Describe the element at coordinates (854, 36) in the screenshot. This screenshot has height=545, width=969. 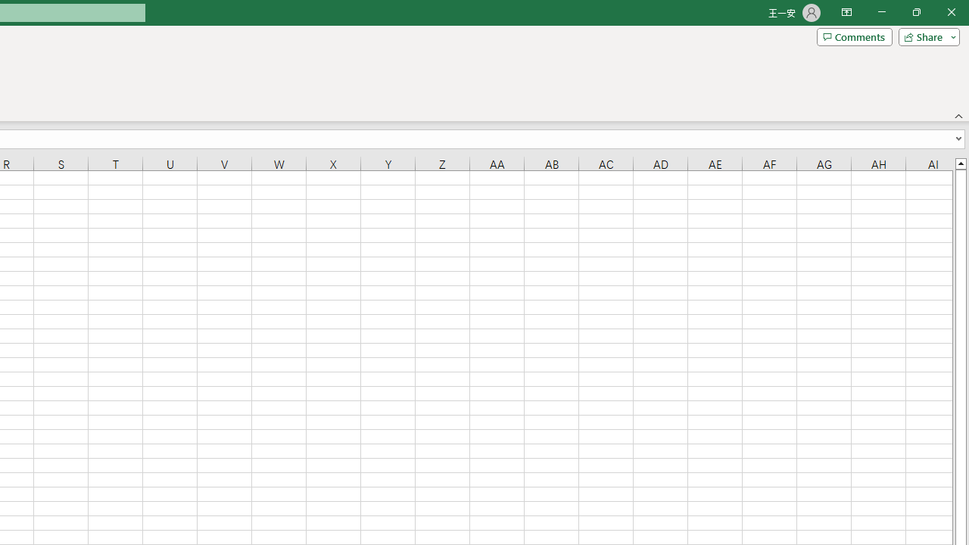
I see `'Comments'` at that location.